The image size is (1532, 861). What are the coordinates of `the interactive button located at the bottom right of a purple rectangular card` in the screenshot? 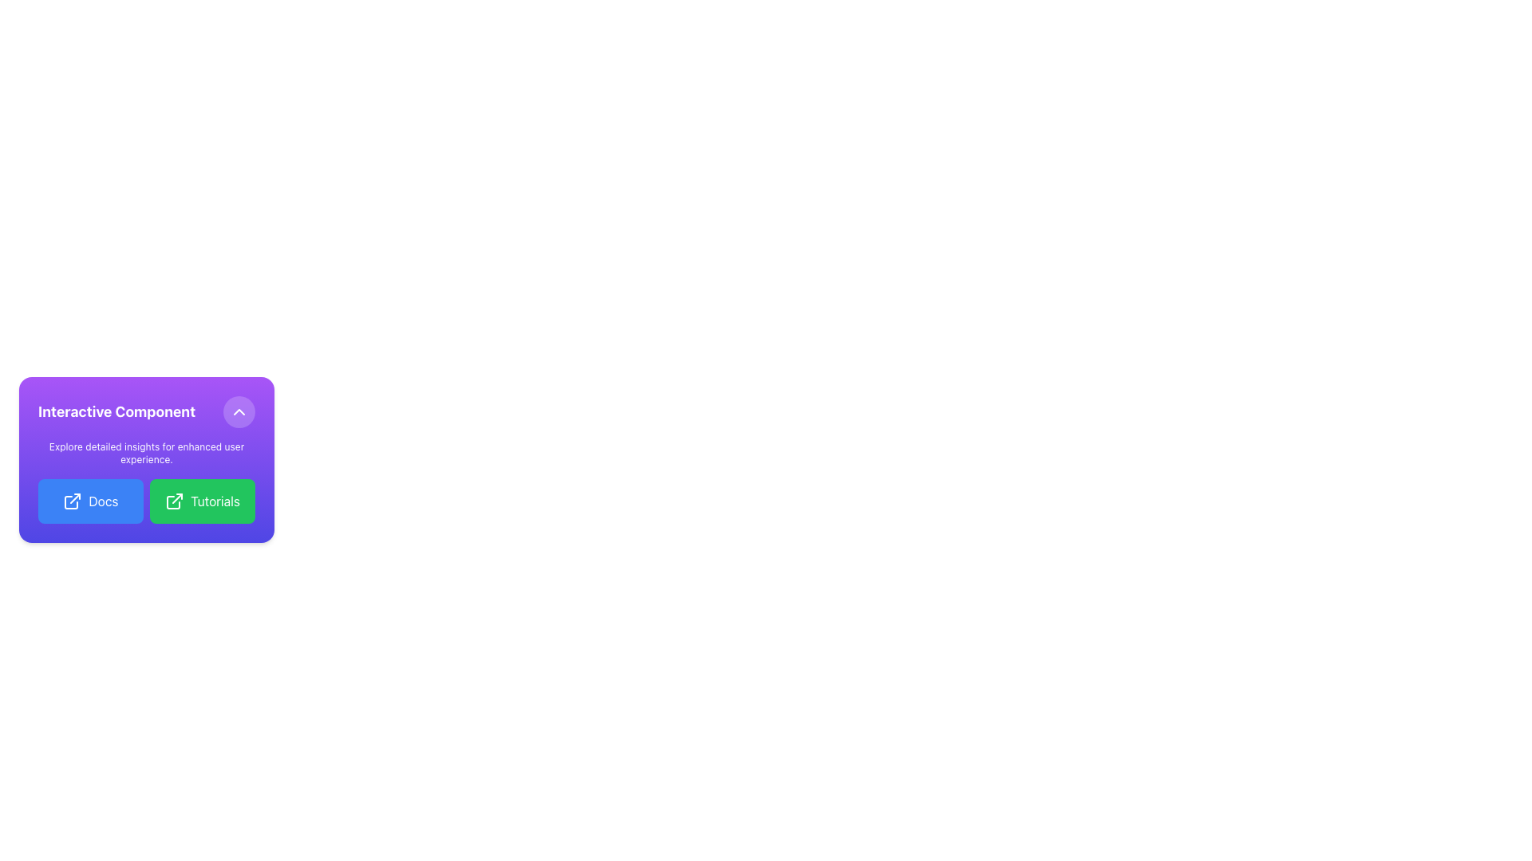 It's located at (202, 500).